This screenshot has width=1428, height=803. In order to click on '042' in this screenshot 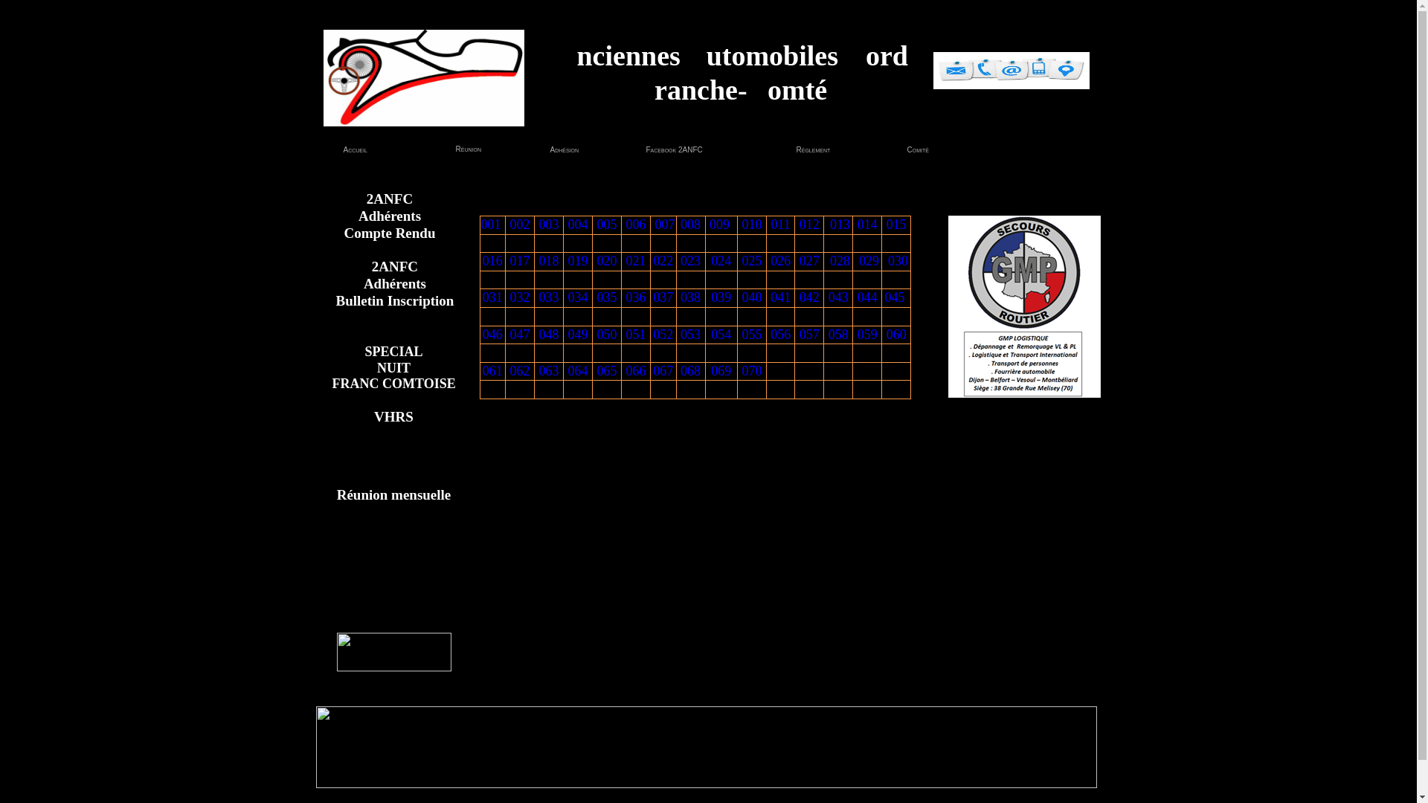, I will do `click(799, 297)`.